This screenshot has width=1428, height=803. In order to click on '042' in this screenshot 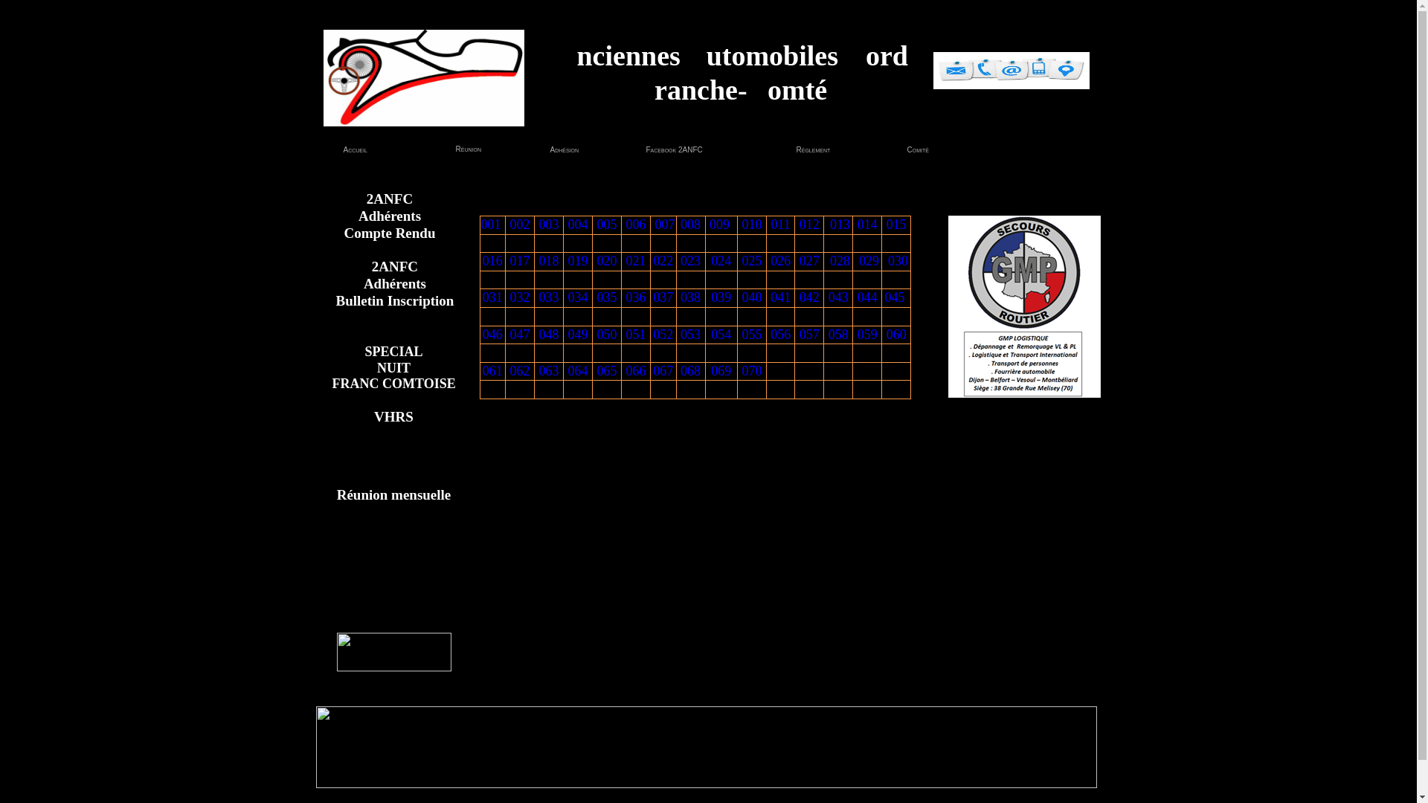, I will do `click(799, 297)`.